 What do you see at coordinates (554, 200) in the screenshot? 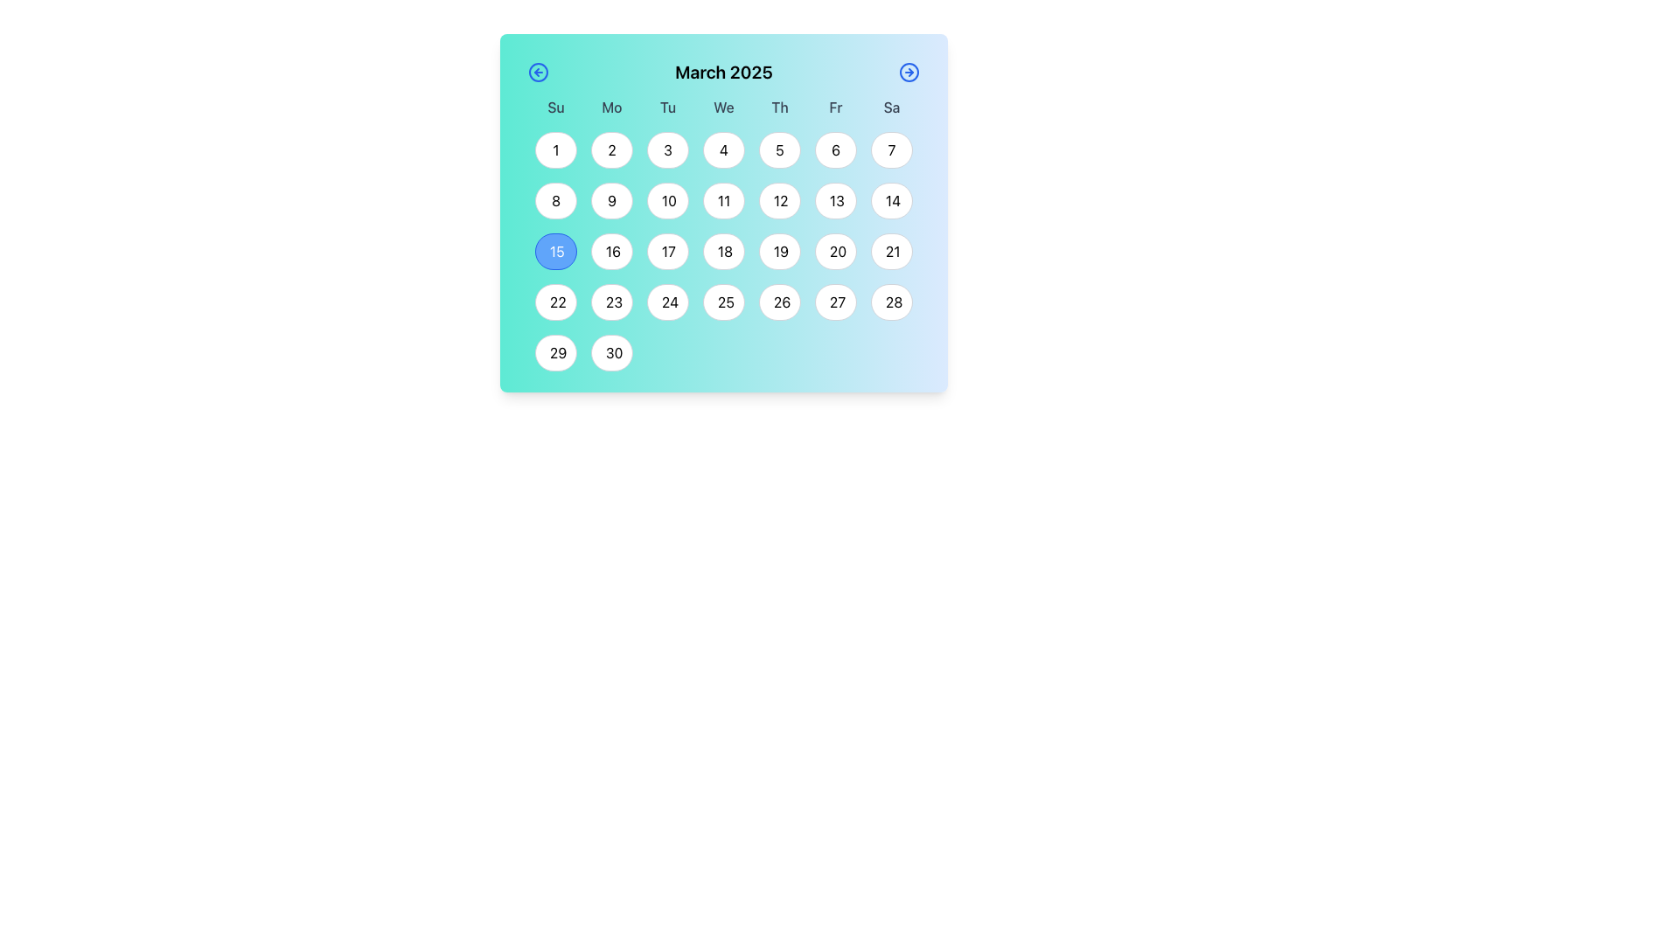
I see `the rounded button displaying the number '8' in the calendar grid located under the 'Su' column heading` at bounding box center [554, 200].